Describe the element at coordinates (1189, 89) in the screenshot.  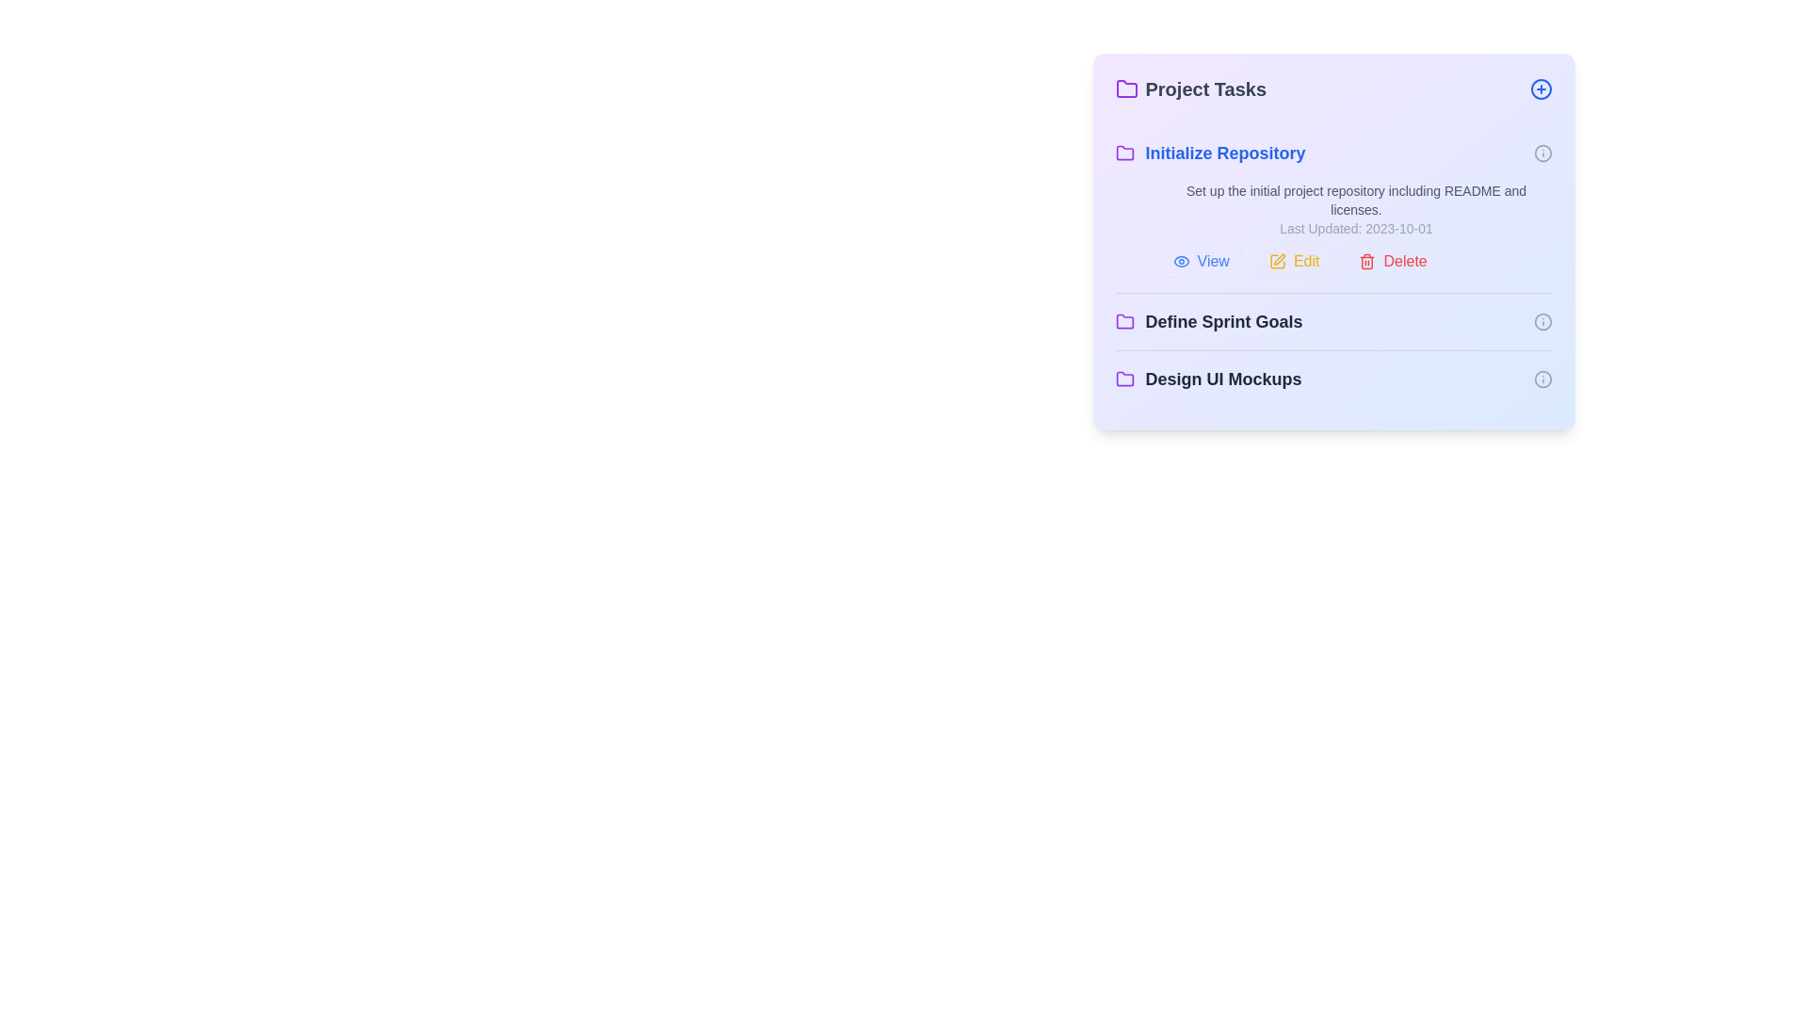
I see `the Text Label with Icon that serves as a header for the project tasks section` at that location.